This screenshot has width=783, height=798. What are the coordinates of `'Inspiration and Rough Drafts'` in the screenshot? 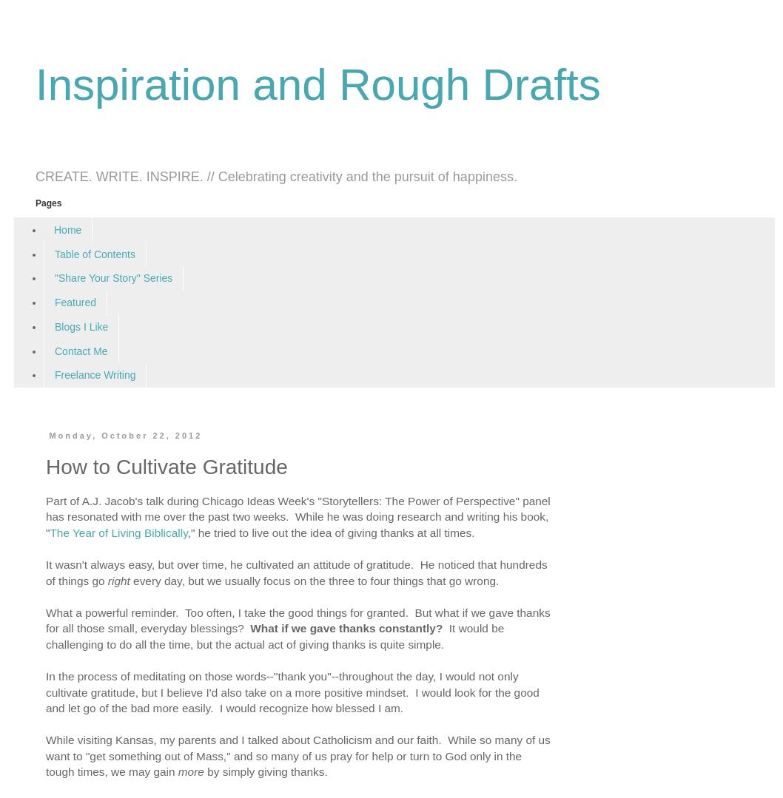 It's located at (317, 84).